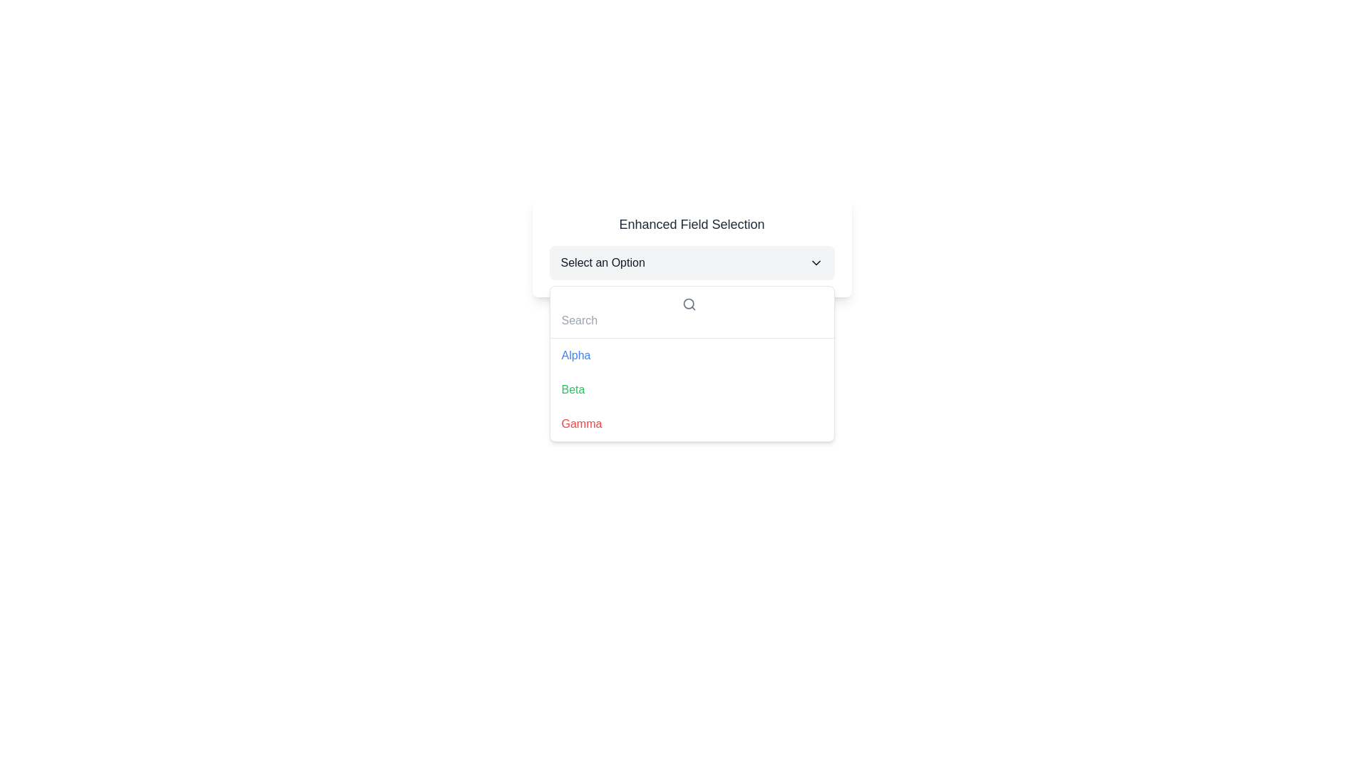 Image resolution: width=1369 pixels, height=770 pixels. Describe the element at coordinates (688, 302) in the screenshot. I see `the SVG circle element that is part of the search icon next to the 'Search' label in the 'Enhanced Field Selection' dropdown menu` at that location.